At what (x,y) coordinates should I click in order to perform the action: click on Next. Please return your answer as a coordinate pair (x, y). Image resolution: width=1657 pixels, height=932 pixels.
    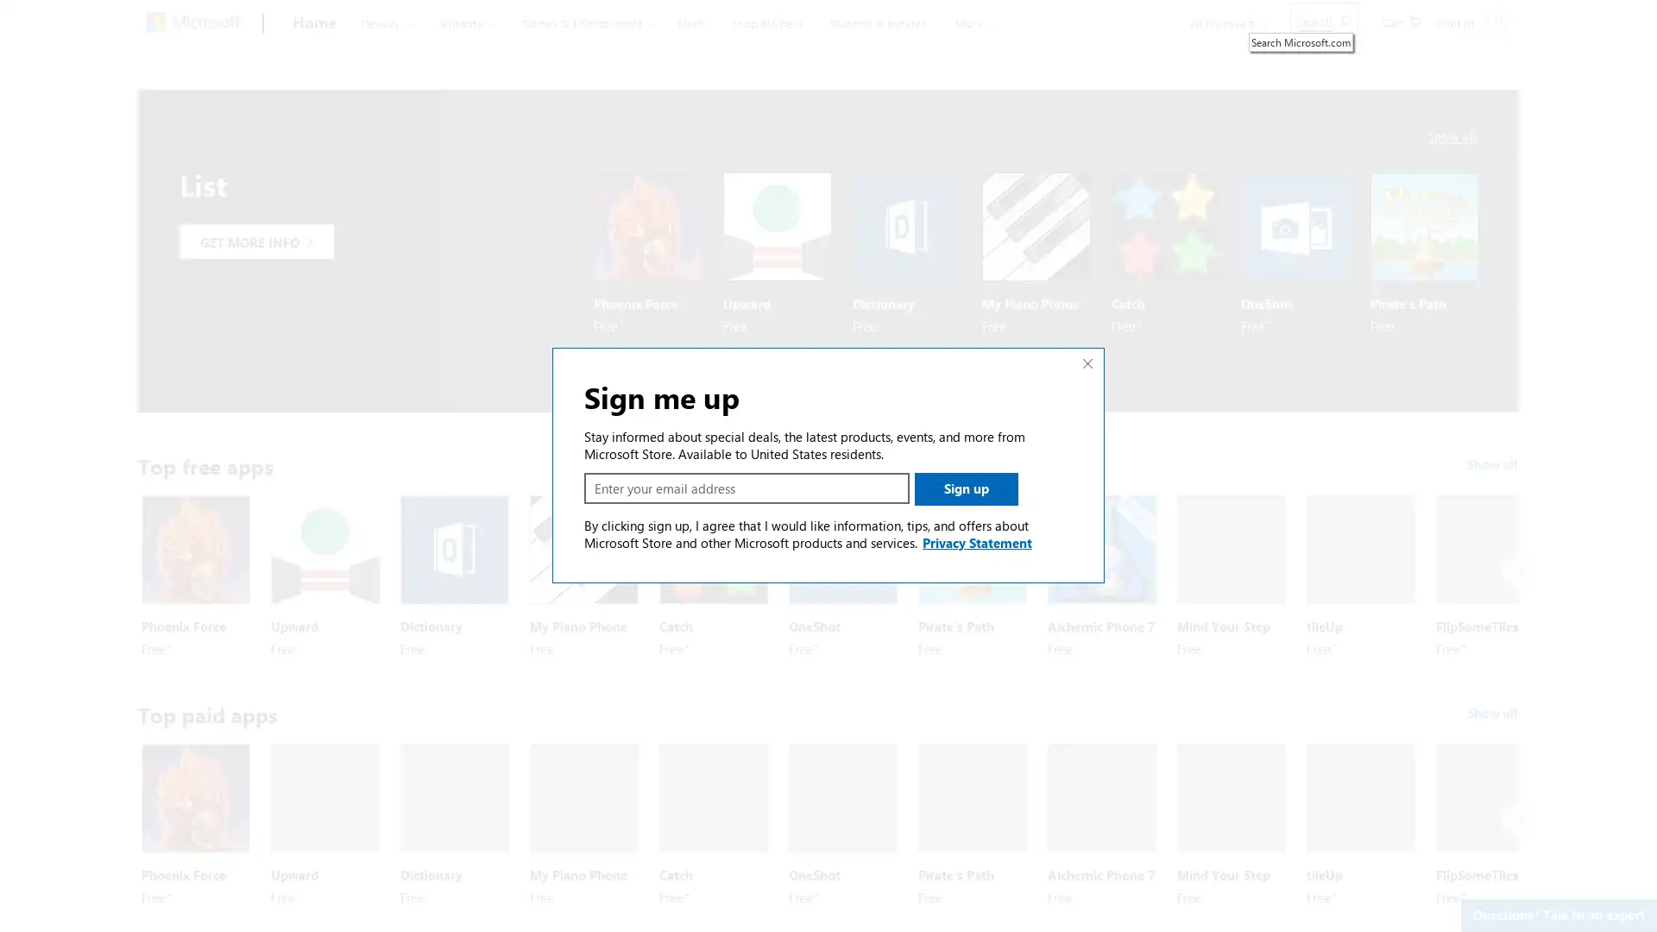
    Looking at the image, I should click on (1520, 818).